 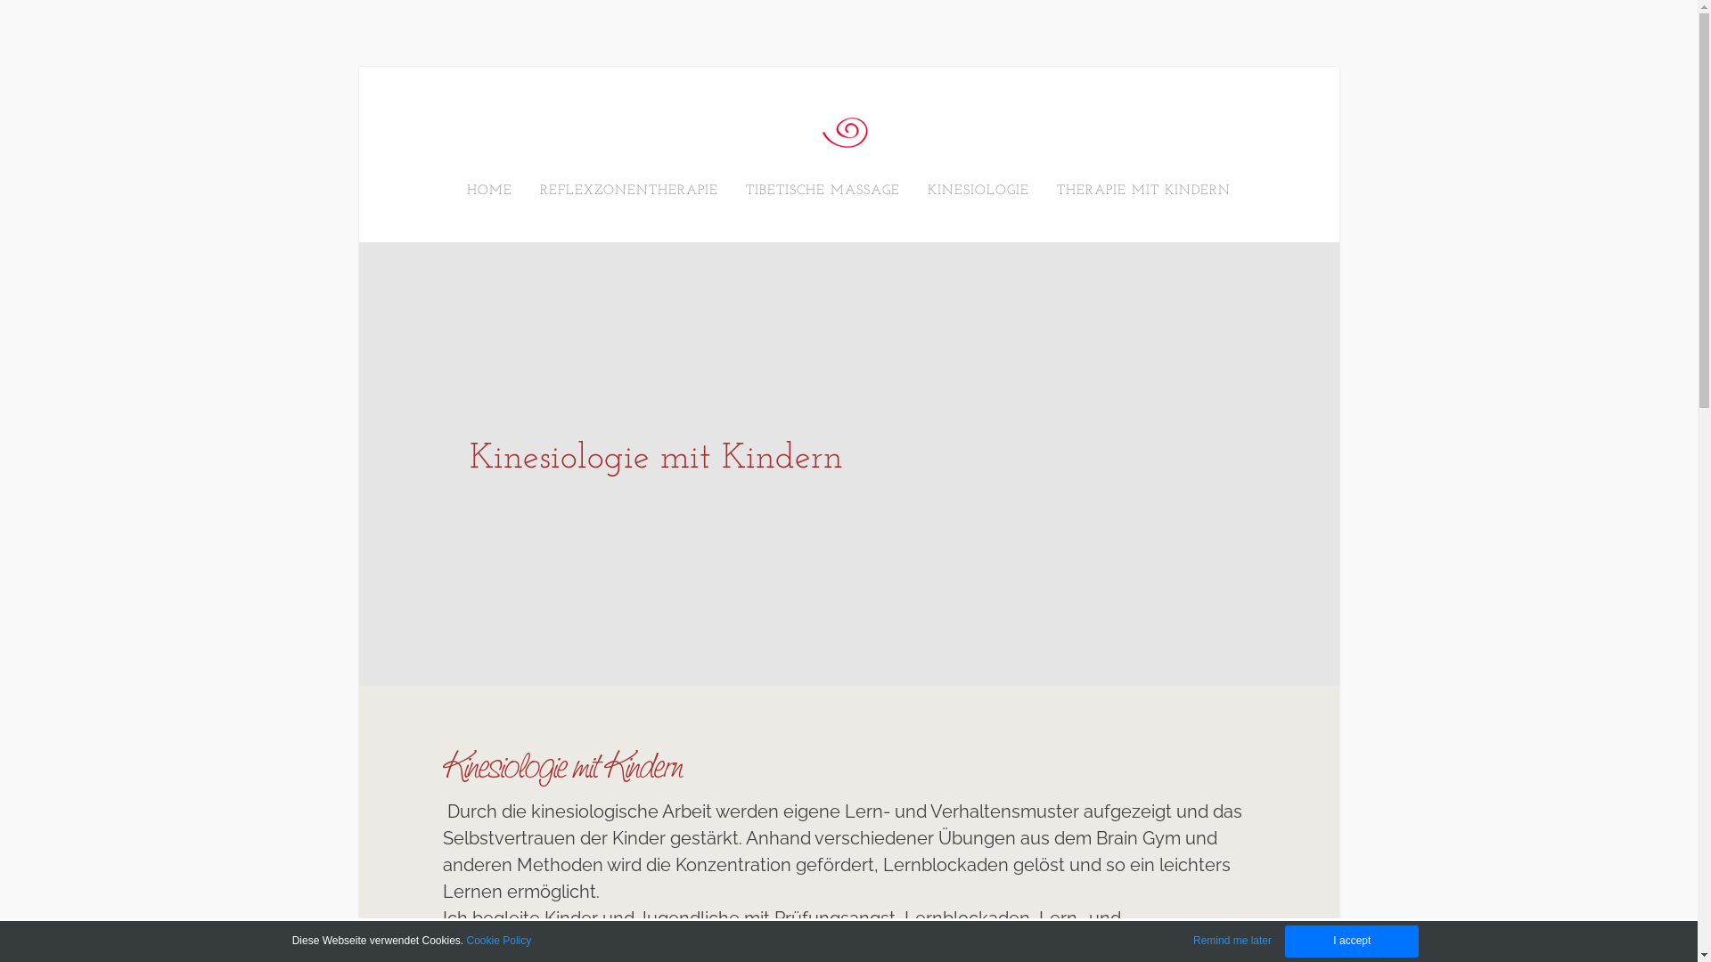 I want to click on 'Remind me later', so click(x=1193, y=940).